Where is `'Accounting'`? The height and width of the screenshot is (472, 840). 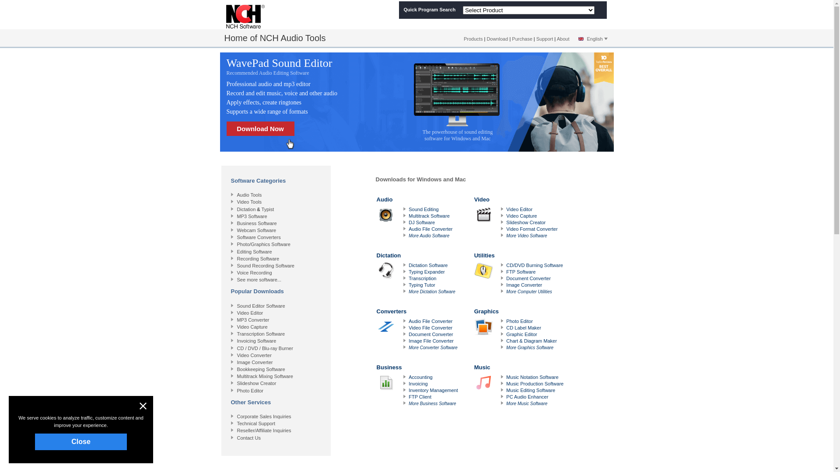
'Accounting' is located at coordinates (420, 377).